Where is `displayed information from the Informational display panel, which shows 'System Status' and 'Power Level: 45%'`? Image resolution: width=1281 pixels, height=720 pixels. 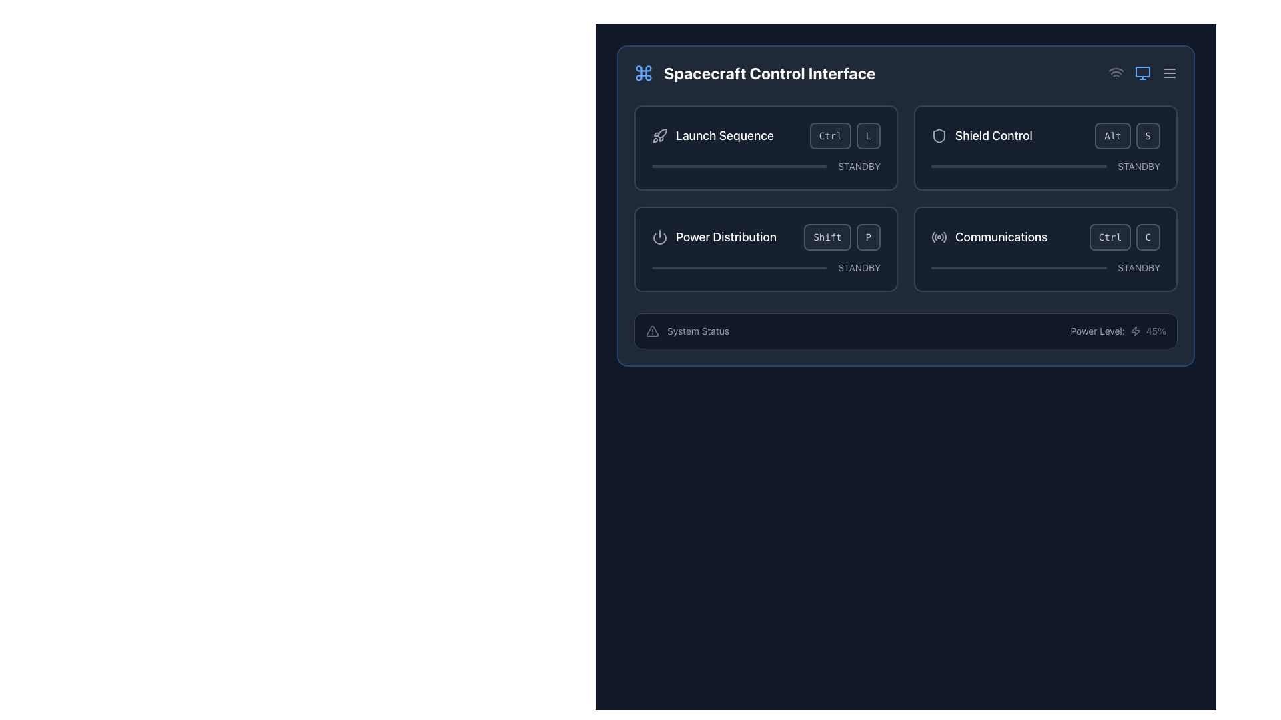 displayed information from the Informational display panel, which shows 'System Status' and 'Power Level: 45%' is located at coordinates (906, 331).